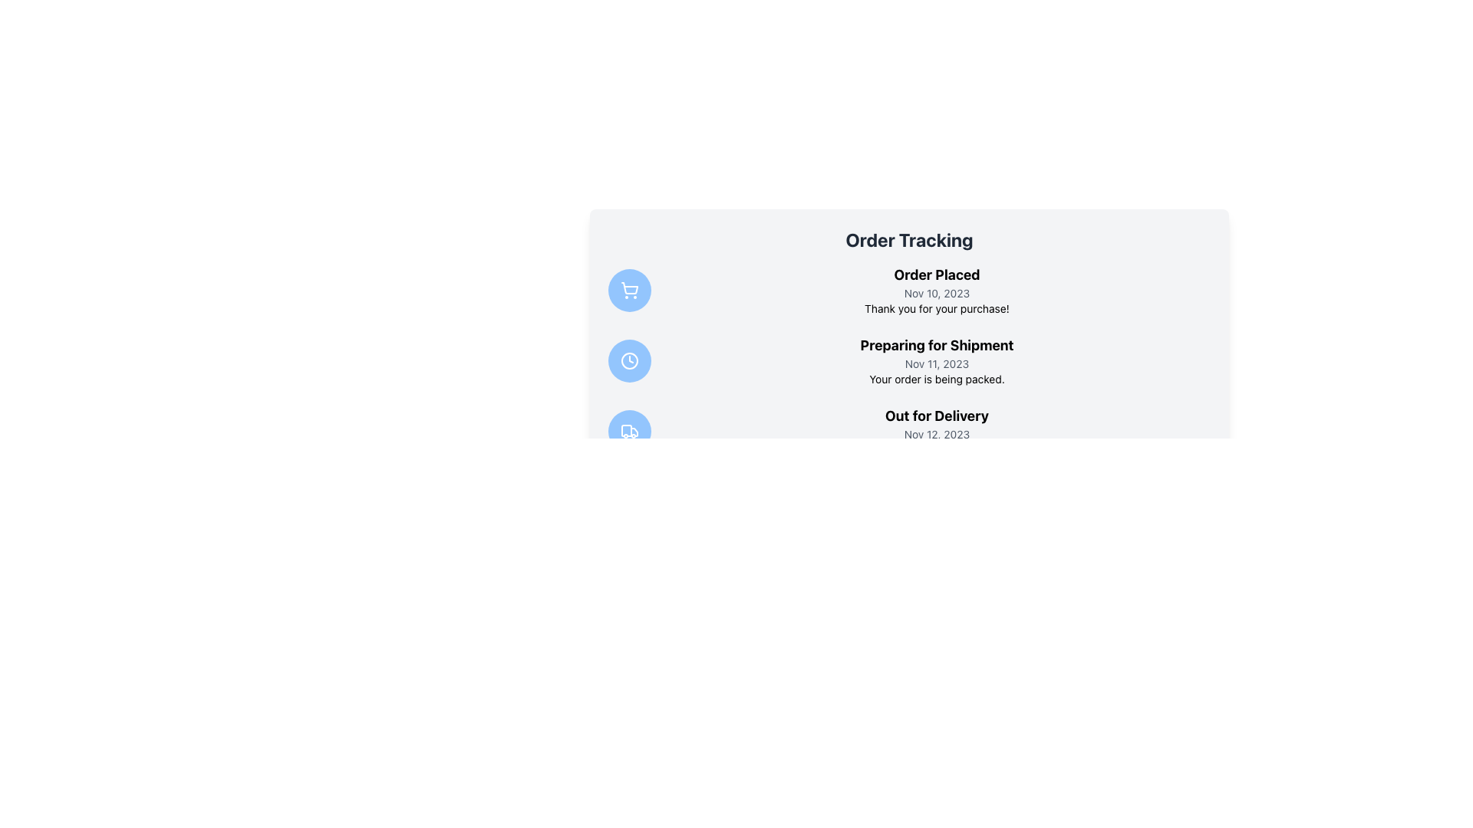 The height and width of the screenshot is (828, 1473). What do you see at coordinates (936, 293) in the screenshot?
I see `the text label displaying 'Nov 10, 2023', which is positioned below the 'Order Placed' title and above the thank you message` at bounding box center [936, 293].